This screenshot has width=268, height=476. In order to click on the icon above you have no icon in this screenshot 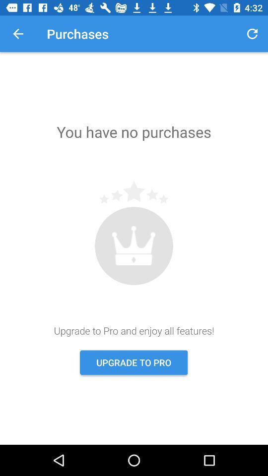, I will do `click(252, 34)`.